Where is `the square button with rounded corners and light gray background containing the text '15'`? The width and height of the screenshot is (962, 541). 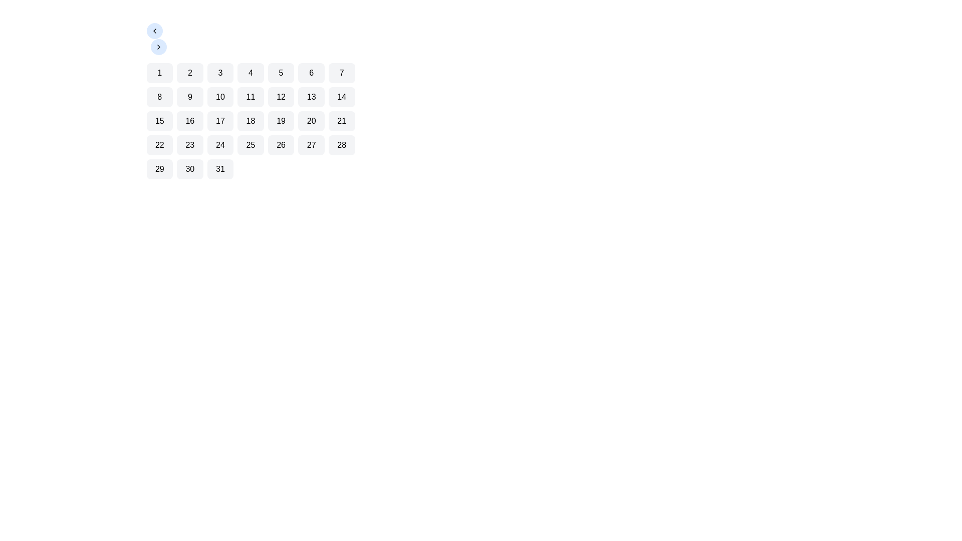
the square button with rounded corners and light gray background containing the text '15' is located at coordinates (159, 121).